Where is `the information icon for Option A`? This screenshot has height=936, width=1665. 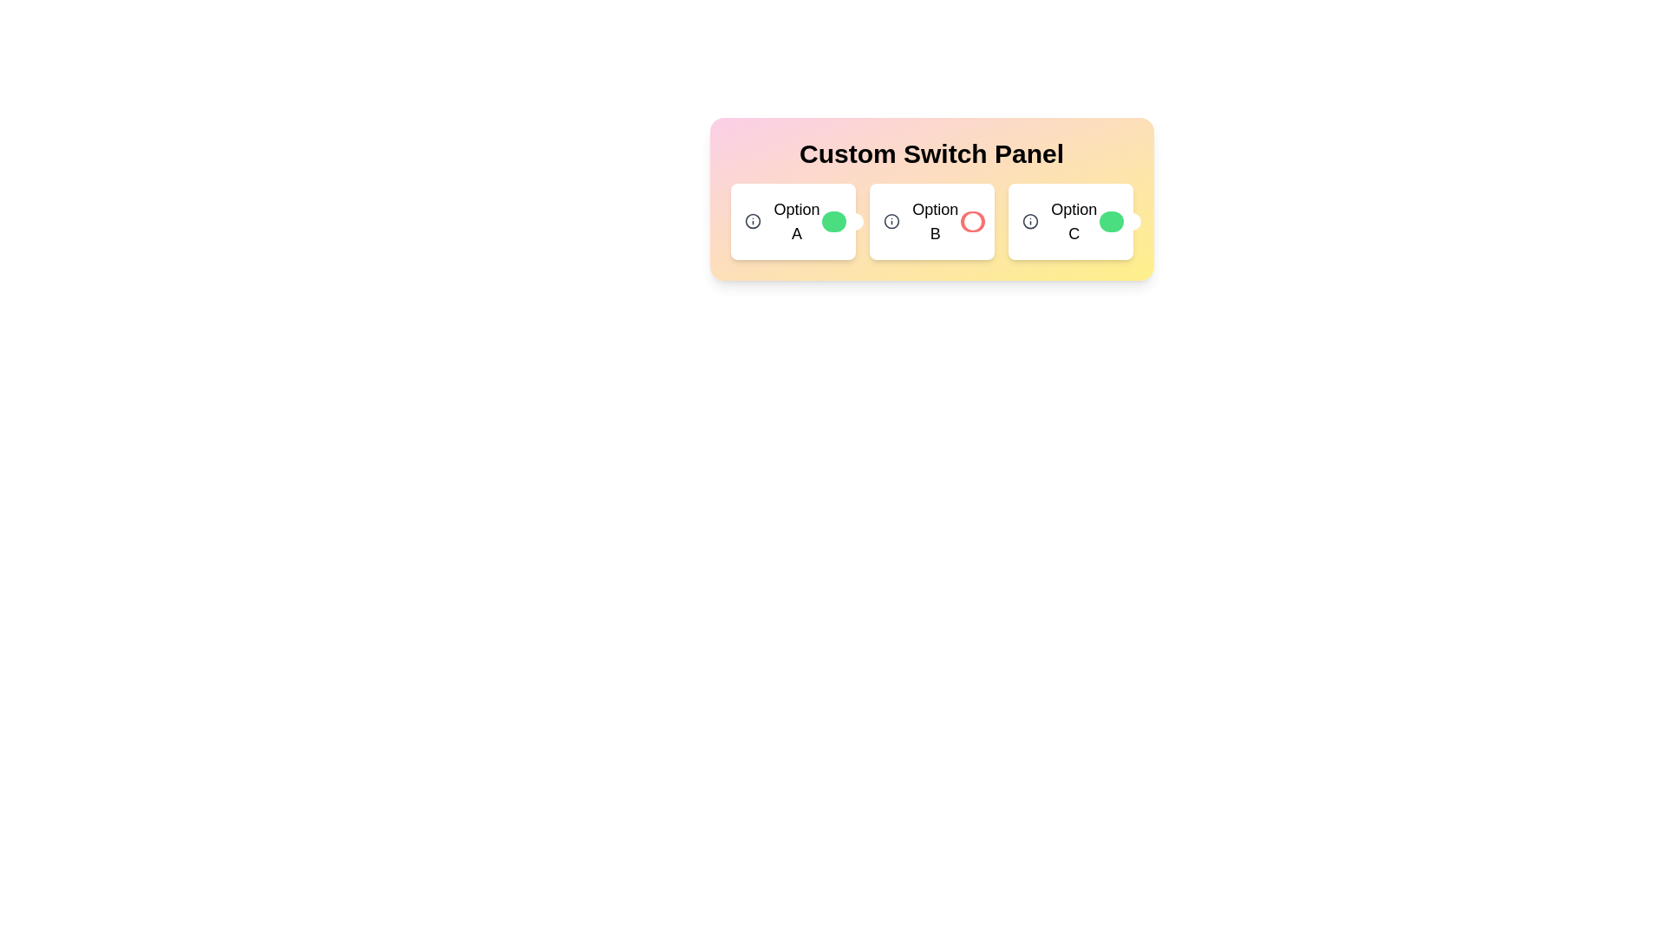
the information icon for Option A is located at coordinates (753, 220).